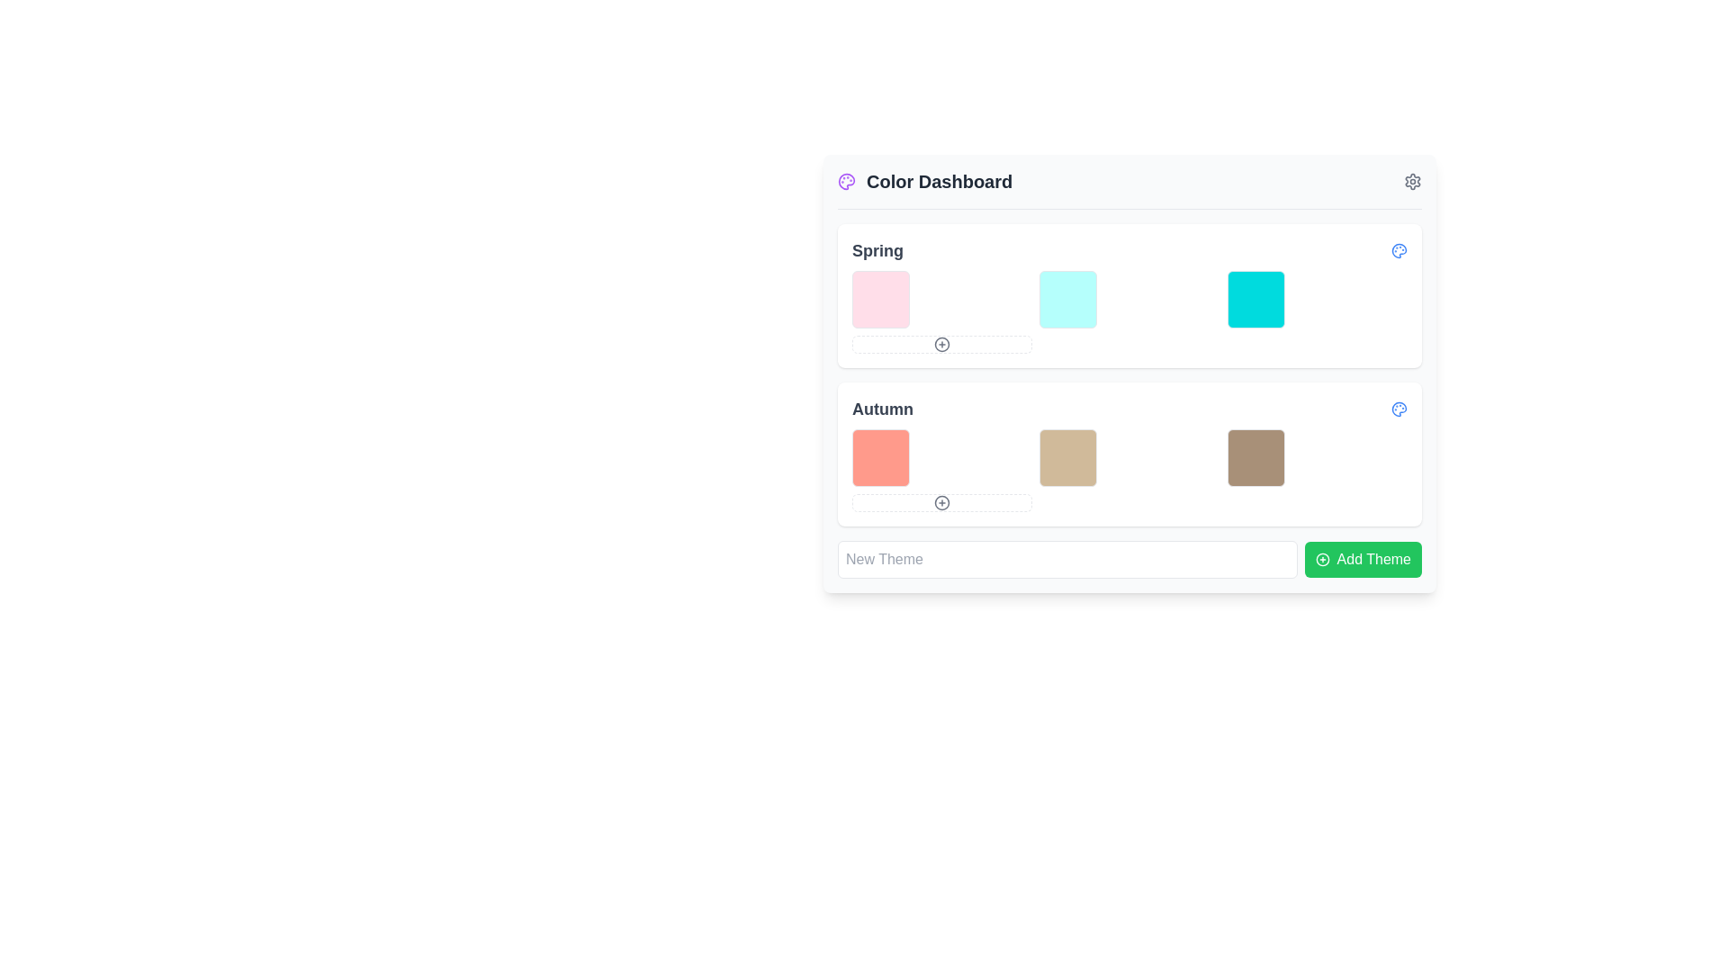  What do you see at coordinates (939, 181) in the screenshot?
I see `text label displaying 'Color Dashboard' in bold, extra-large font located at the top of the interface` at bounding box center [939, 181].